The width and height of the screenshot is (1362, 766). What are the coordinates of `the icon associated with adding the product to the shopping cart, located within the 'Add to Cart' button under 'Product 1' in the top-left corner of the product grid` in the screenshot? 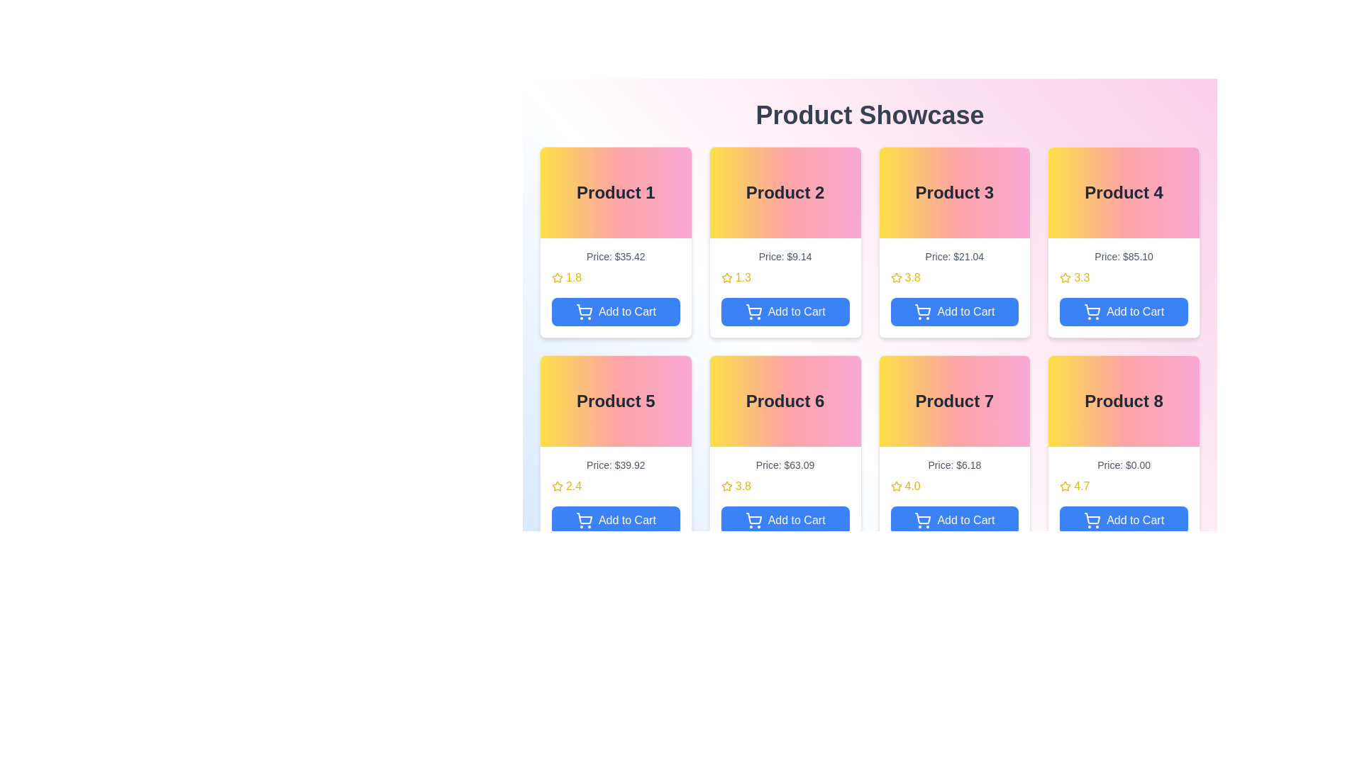 It's located at (585, 309).